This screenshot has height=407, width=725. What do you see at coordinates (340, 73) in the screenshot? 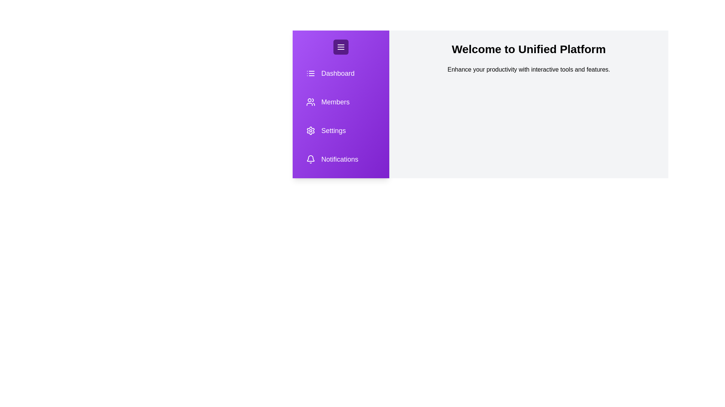
I see `the sidebar item labeled Dashboard` at bounding box center [340, 73].